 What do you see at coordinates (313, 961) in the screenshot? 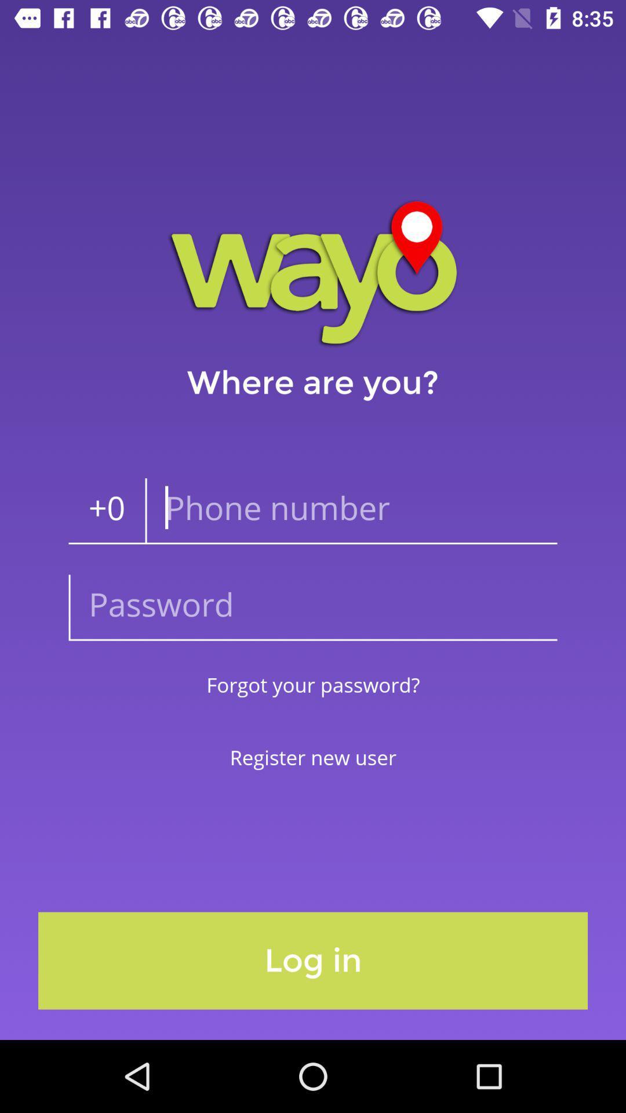
I see `log in item` at bounding box center [313, 961].